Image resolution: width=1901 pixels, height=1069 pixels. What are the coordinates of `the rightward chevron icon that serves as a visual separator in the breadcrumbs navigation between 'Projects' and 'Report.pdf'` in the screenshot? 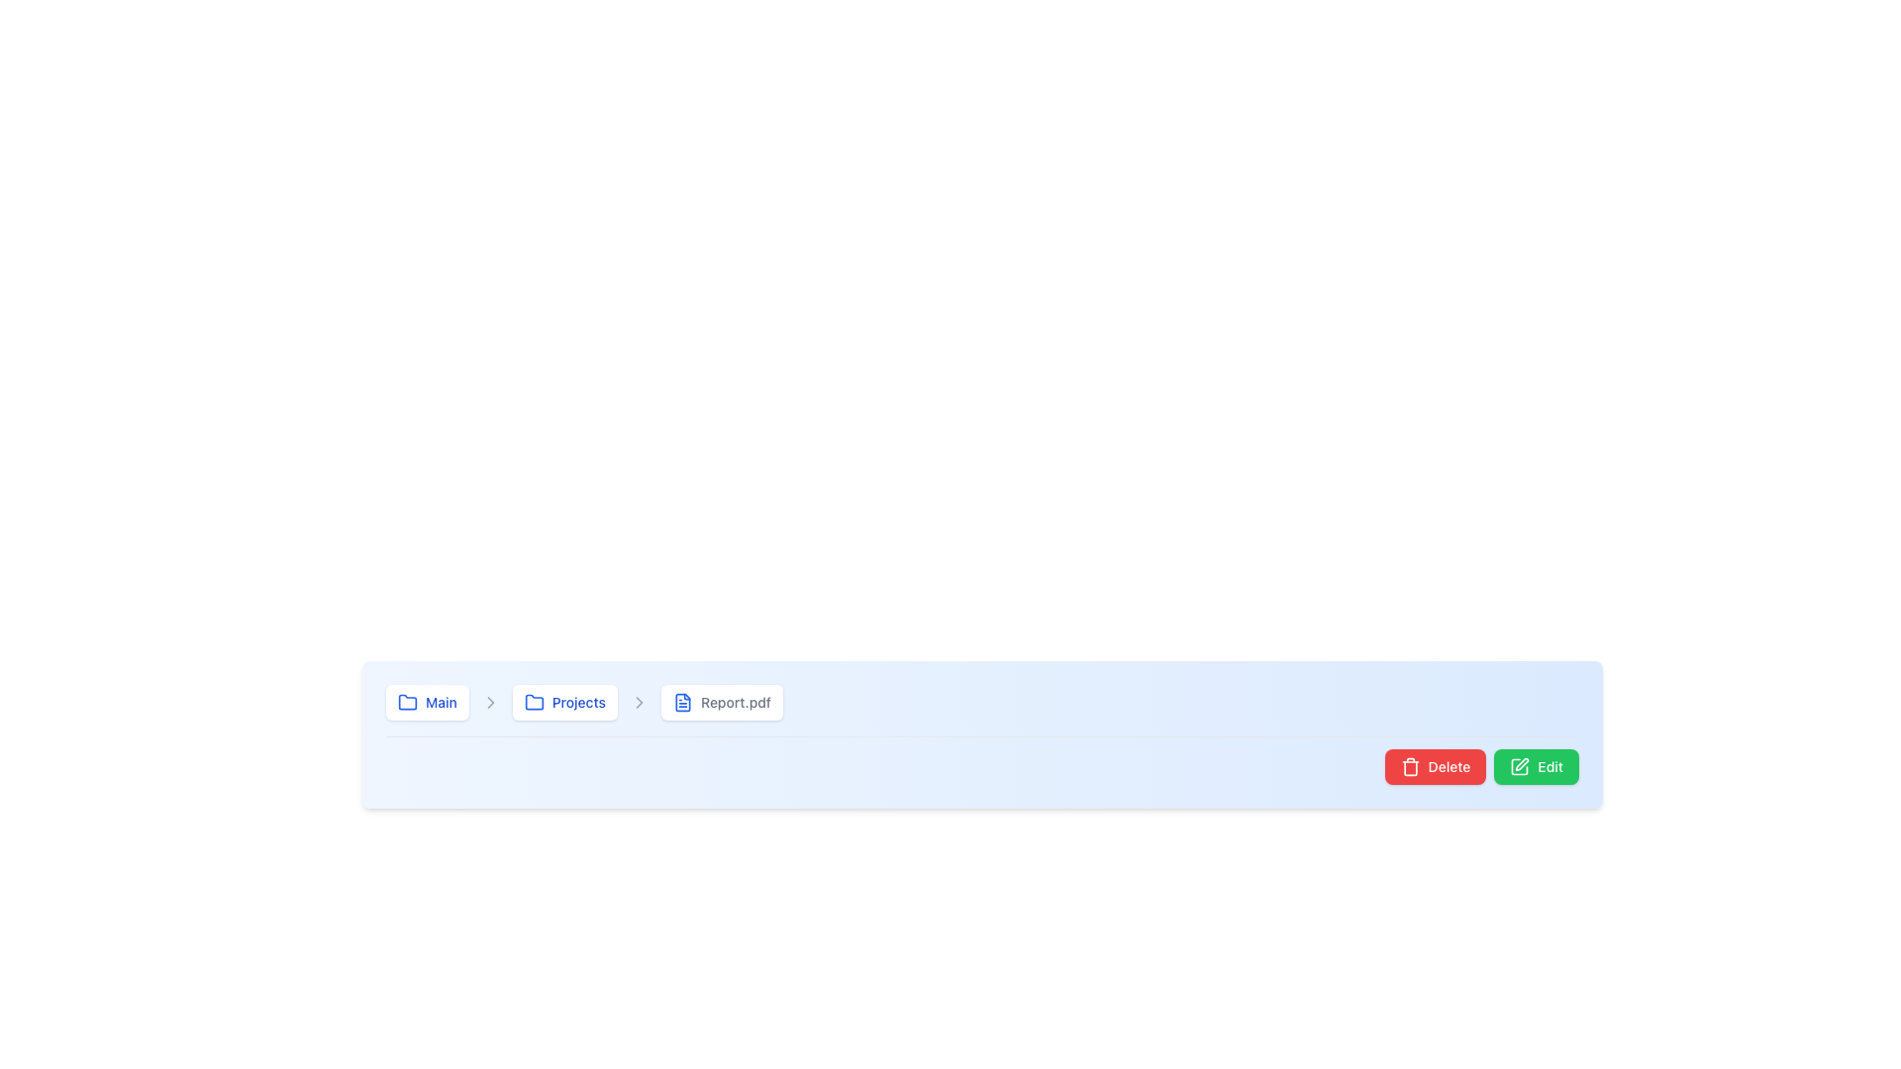 It's located at (639, 701).